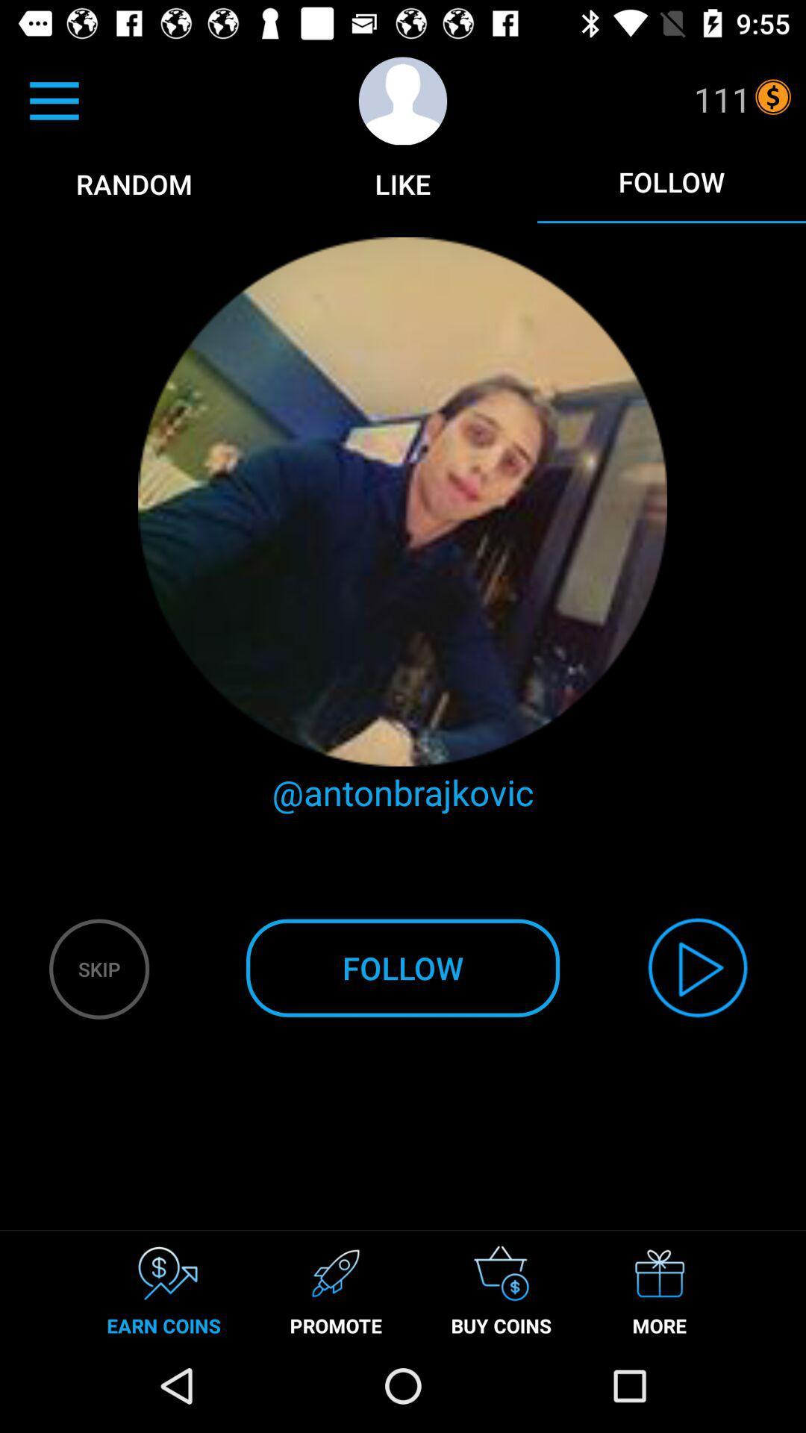 This screenshot has width=806, height=1433. I want to click on the 111, so click(722, 99).